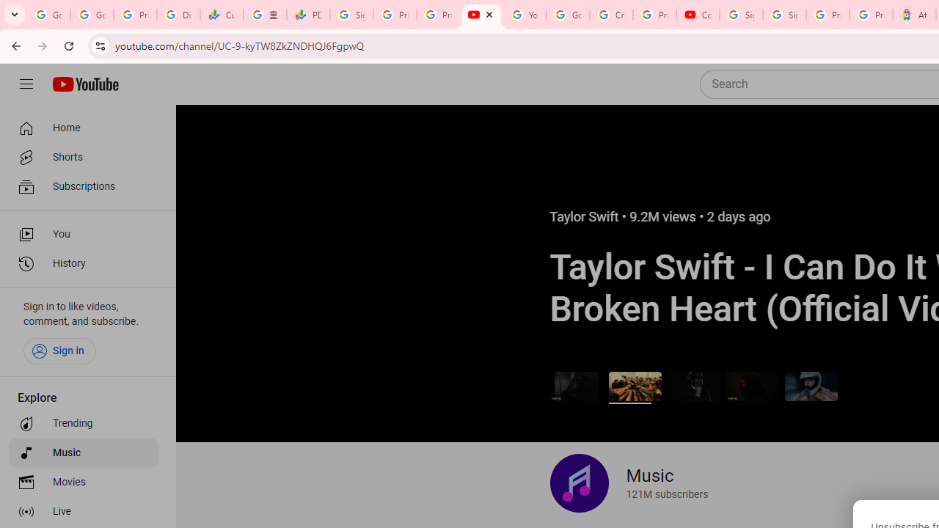 The width and height of the screenshot is (939, 528). What do you see at coordinates (783, 15) in the screenshot?
I see `'Sign in - Google Accounts'` at bounding box center [783, 15].